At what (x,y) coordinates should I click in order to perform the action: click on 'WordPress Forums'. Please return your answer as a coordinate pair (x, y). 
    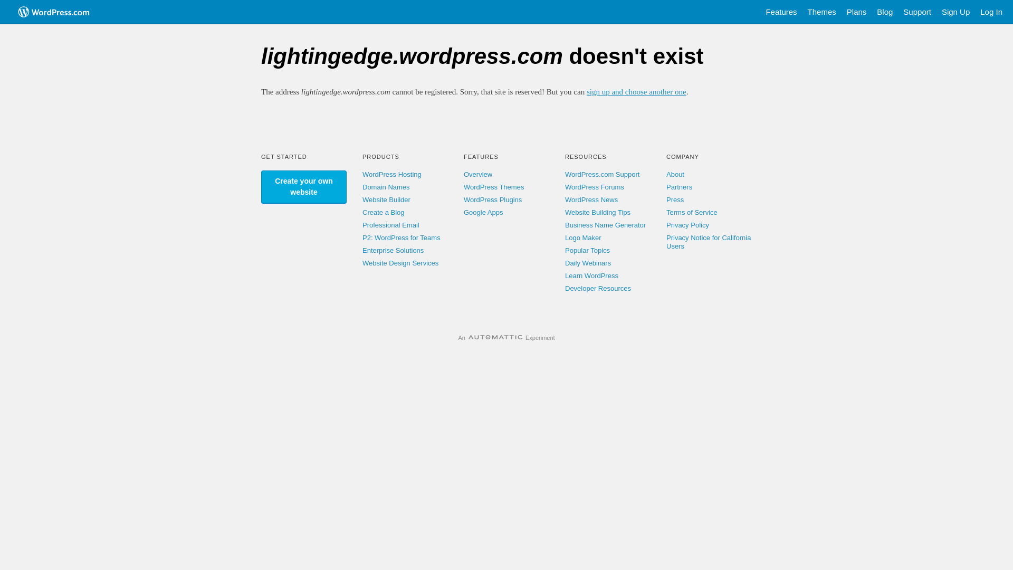
    Looking at the image, I should click on (595, 186).